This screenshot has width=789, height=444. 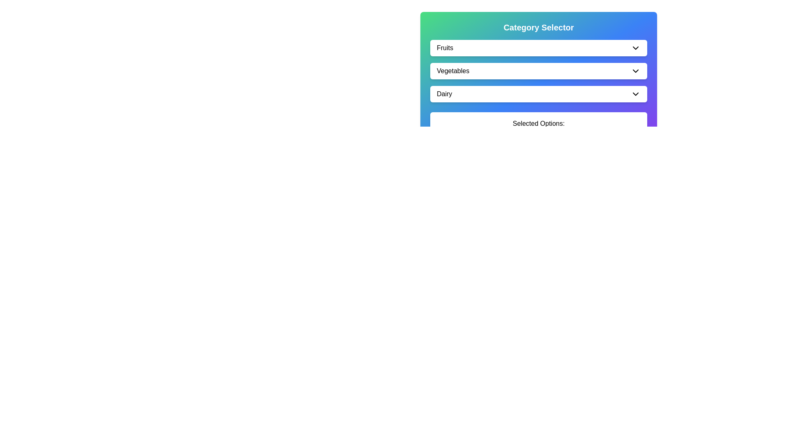 I want to click on the 'Vegetables' dropdown menu, so click(x=538, y=85).